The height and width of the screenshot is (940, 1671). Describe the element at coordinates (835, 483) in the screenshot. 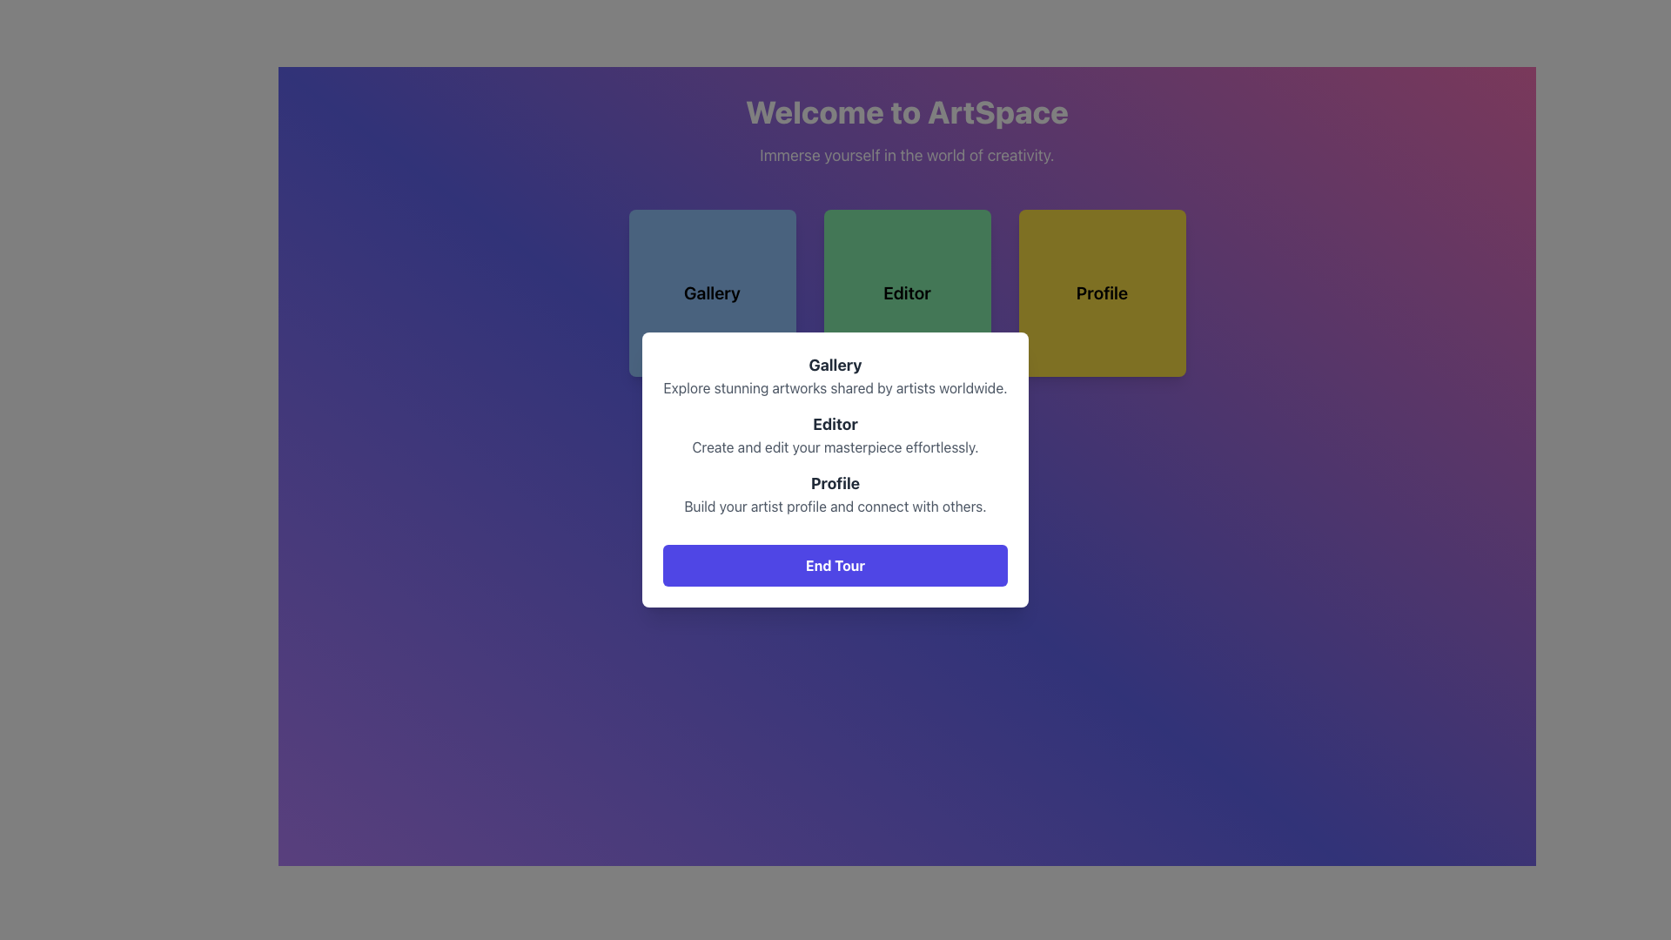

I see `text of the heading that serves as a title for creating an artist profile and connecting with others, located in the centered modal dialog box` at that location.